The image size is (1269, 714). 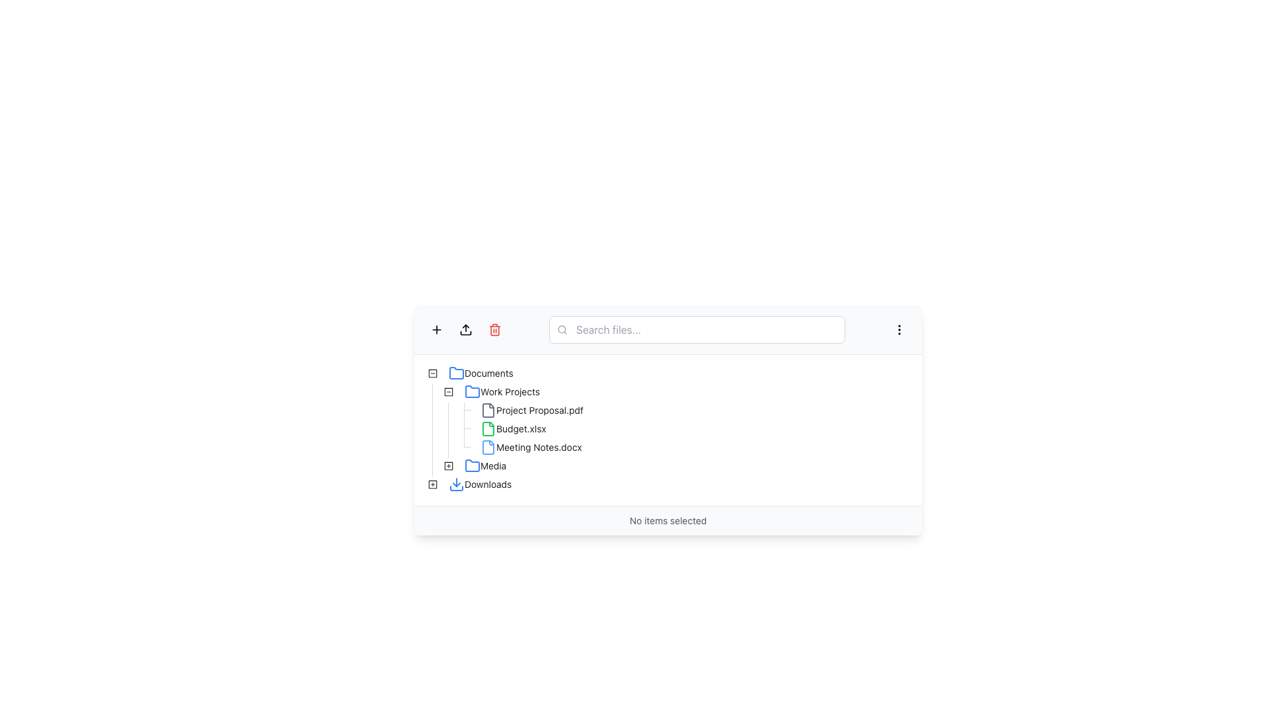 What do you see at coordinates (441, 410) in the screenshot?
I see `the indentation unit located beside 'Project Proposal.pdf' in the 'Work Projects' folder` at bounding box center [441, 410].